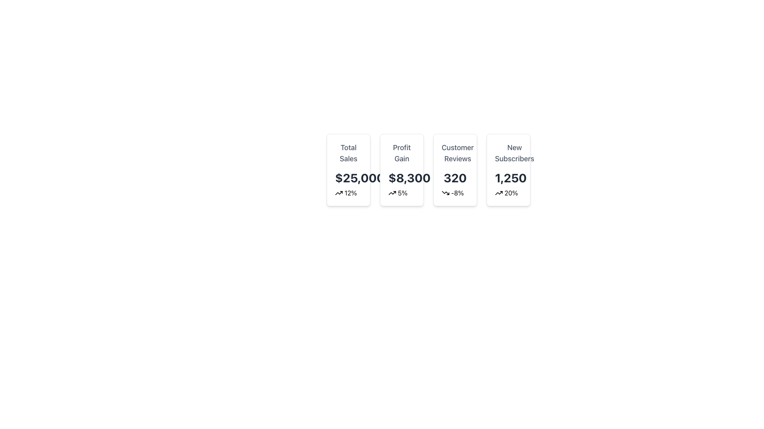  Describe the element at coordinates (445, 193) in the screenshot. I see `the Decorative Icon indicating a downward trend in the 'Customer Reviews' card, which is placed below the numerical value and next to a red color code` at that location.